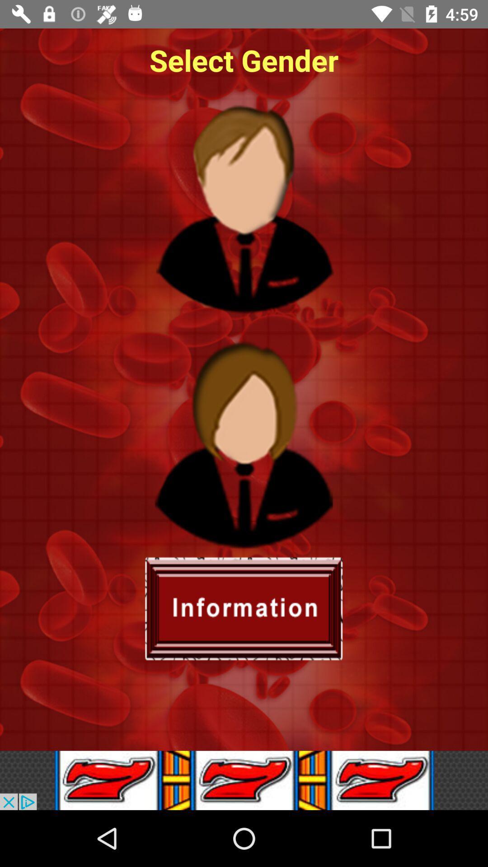 The width and height of the screenshot is (488, 867). What do you see at coordinates (244, 780) in the screenshot?
I see `advertisement` at bounding box center [244, 780].